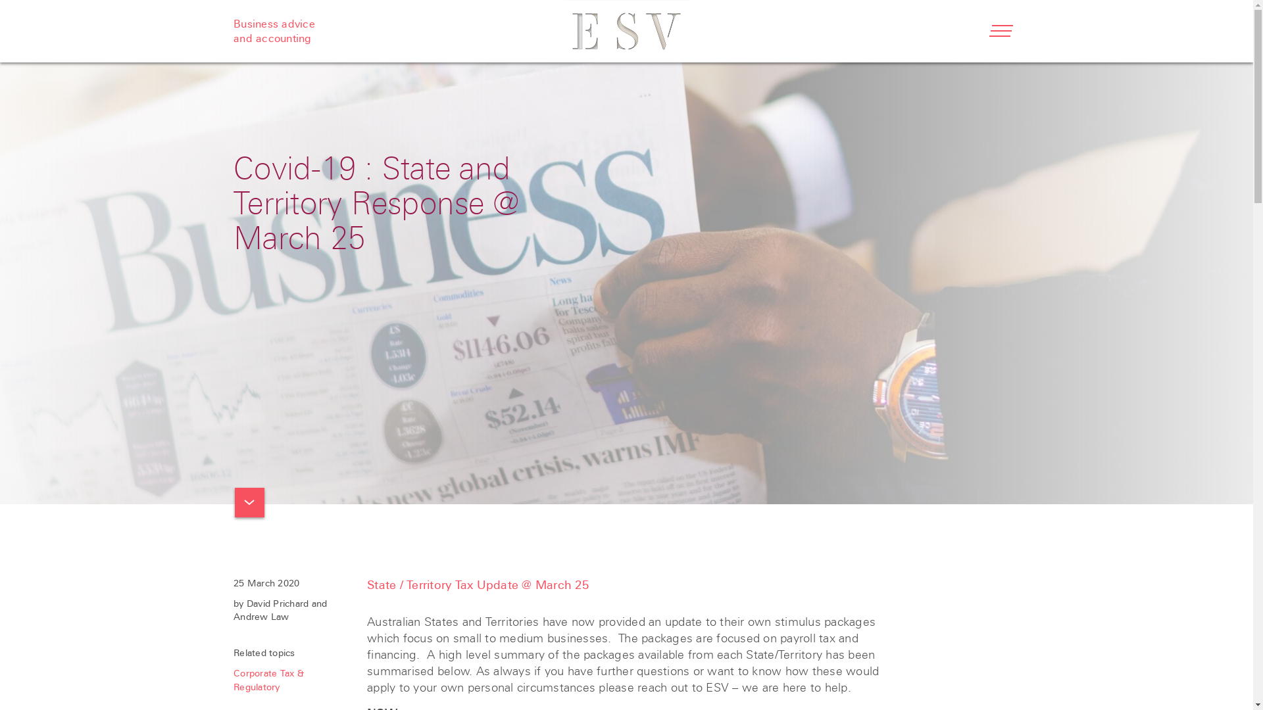 The image size is (1263, 710). I want to click on 'Corporate Tax & Regulatory', so click(234, 680).